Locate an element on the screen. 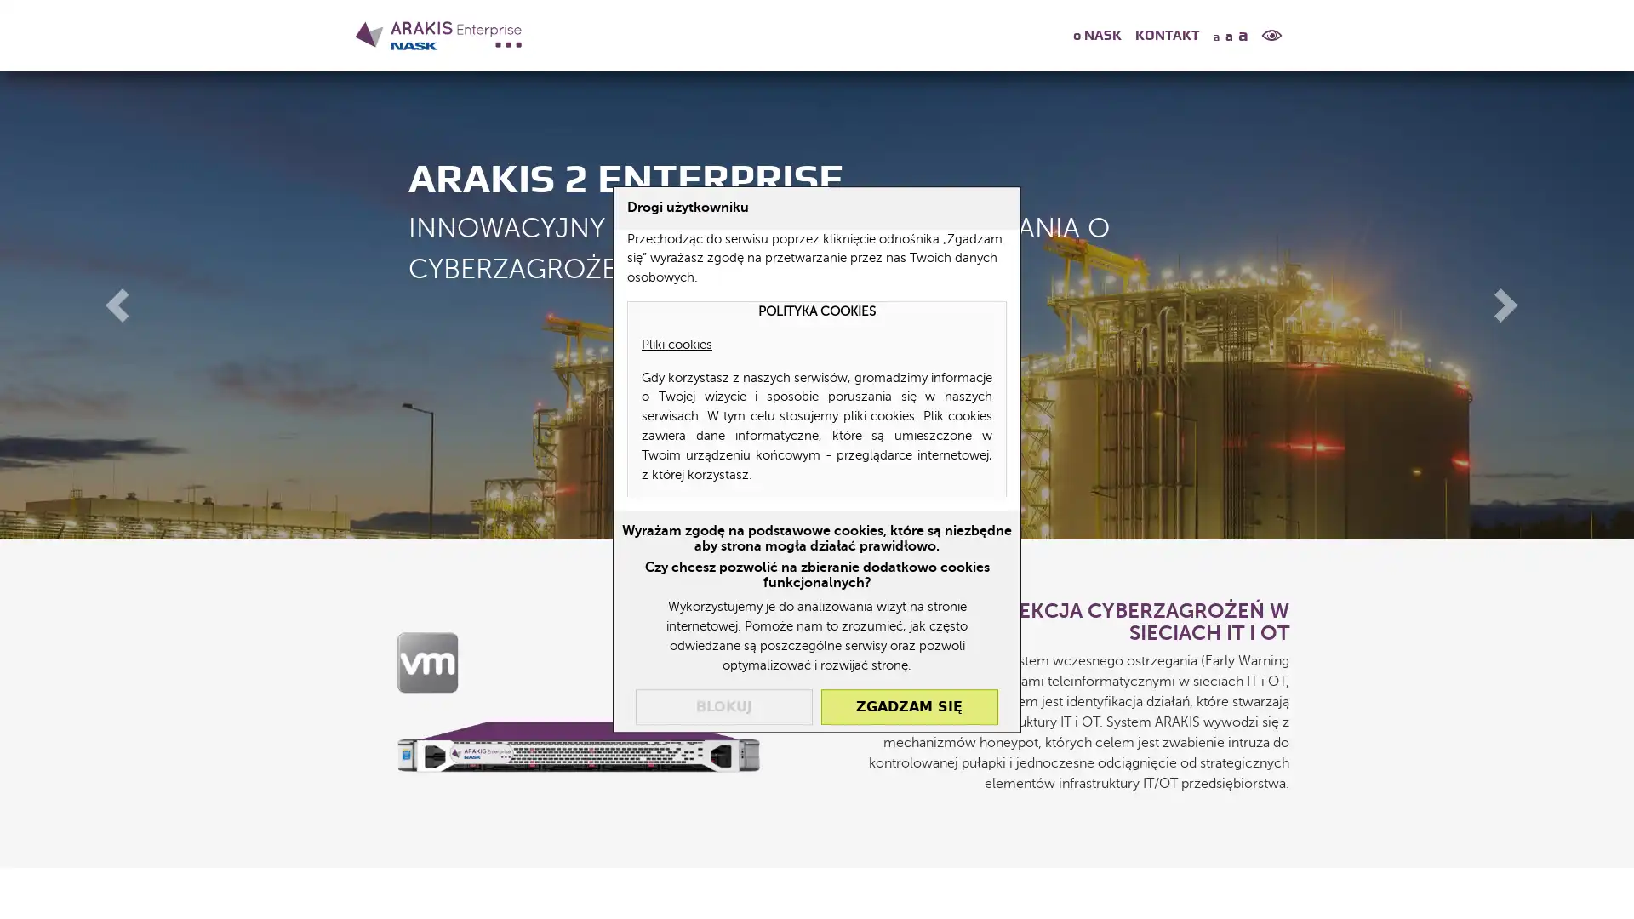 The image size is (1634, 919). a is located at coordinates (1213, 36).